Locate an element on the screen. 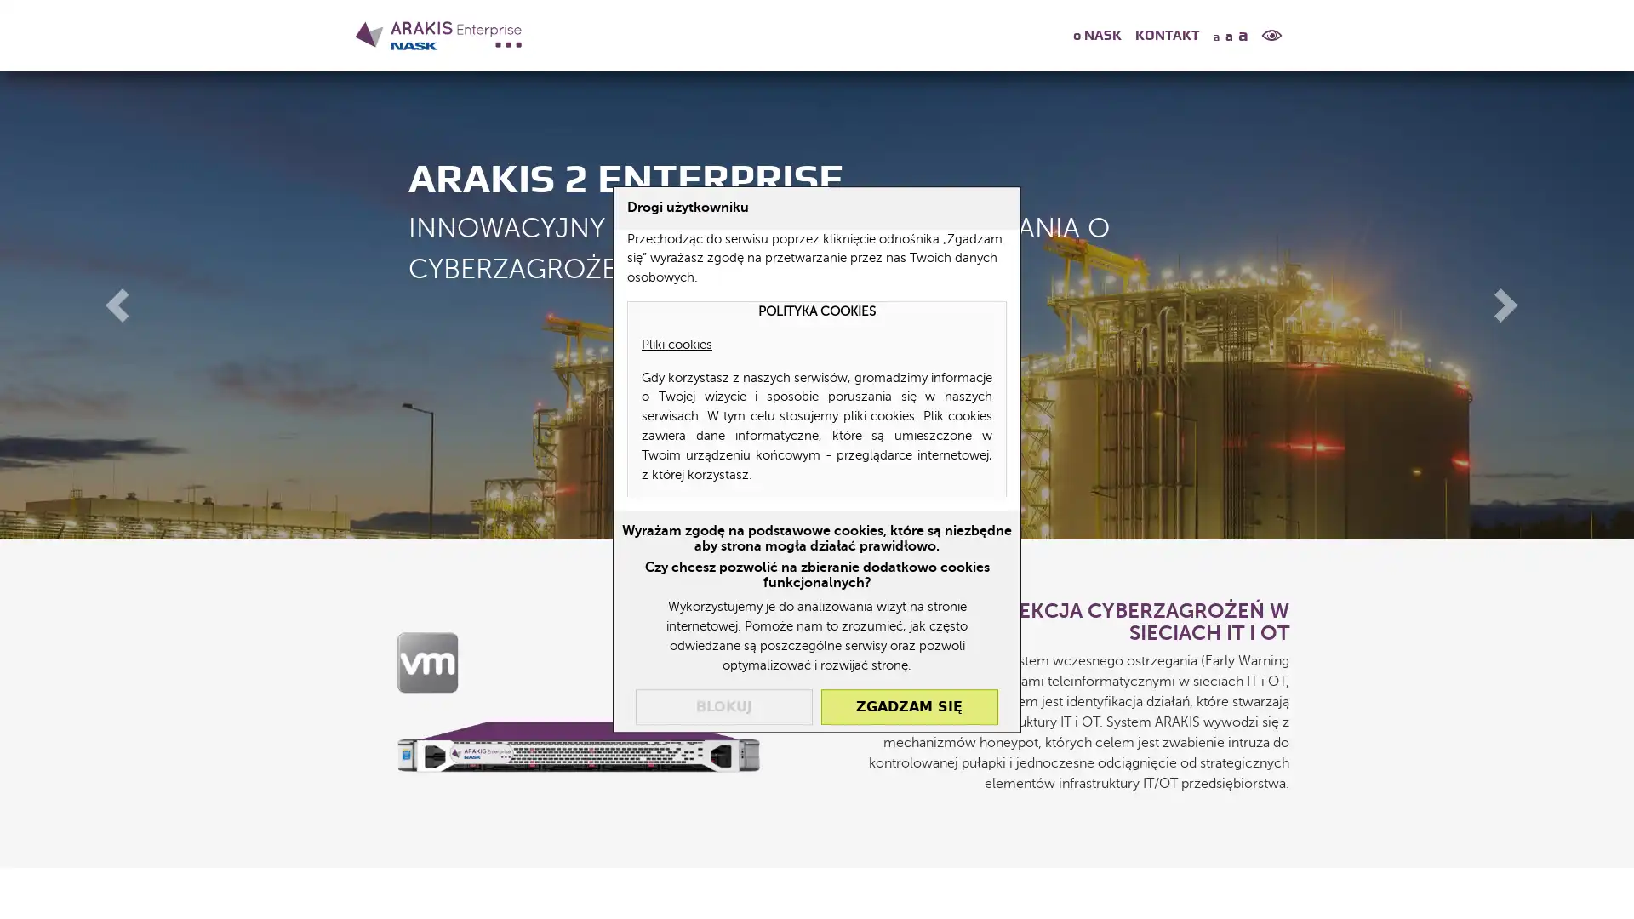 The image size is (1634, 919). a is located at coordinates (1213, 36).